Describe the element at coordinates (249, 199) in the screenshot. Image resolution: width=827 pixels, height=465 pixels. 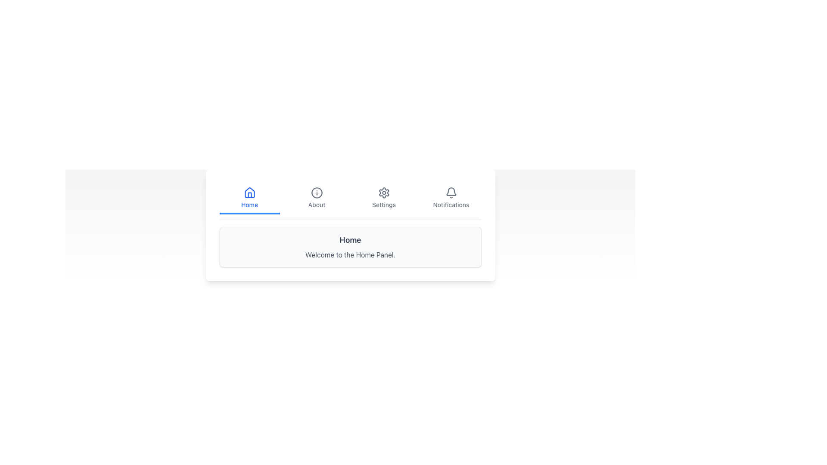
I see `the 'Home' button in the horizontal navigation bar to trigger the scaling hover effect` at that location.